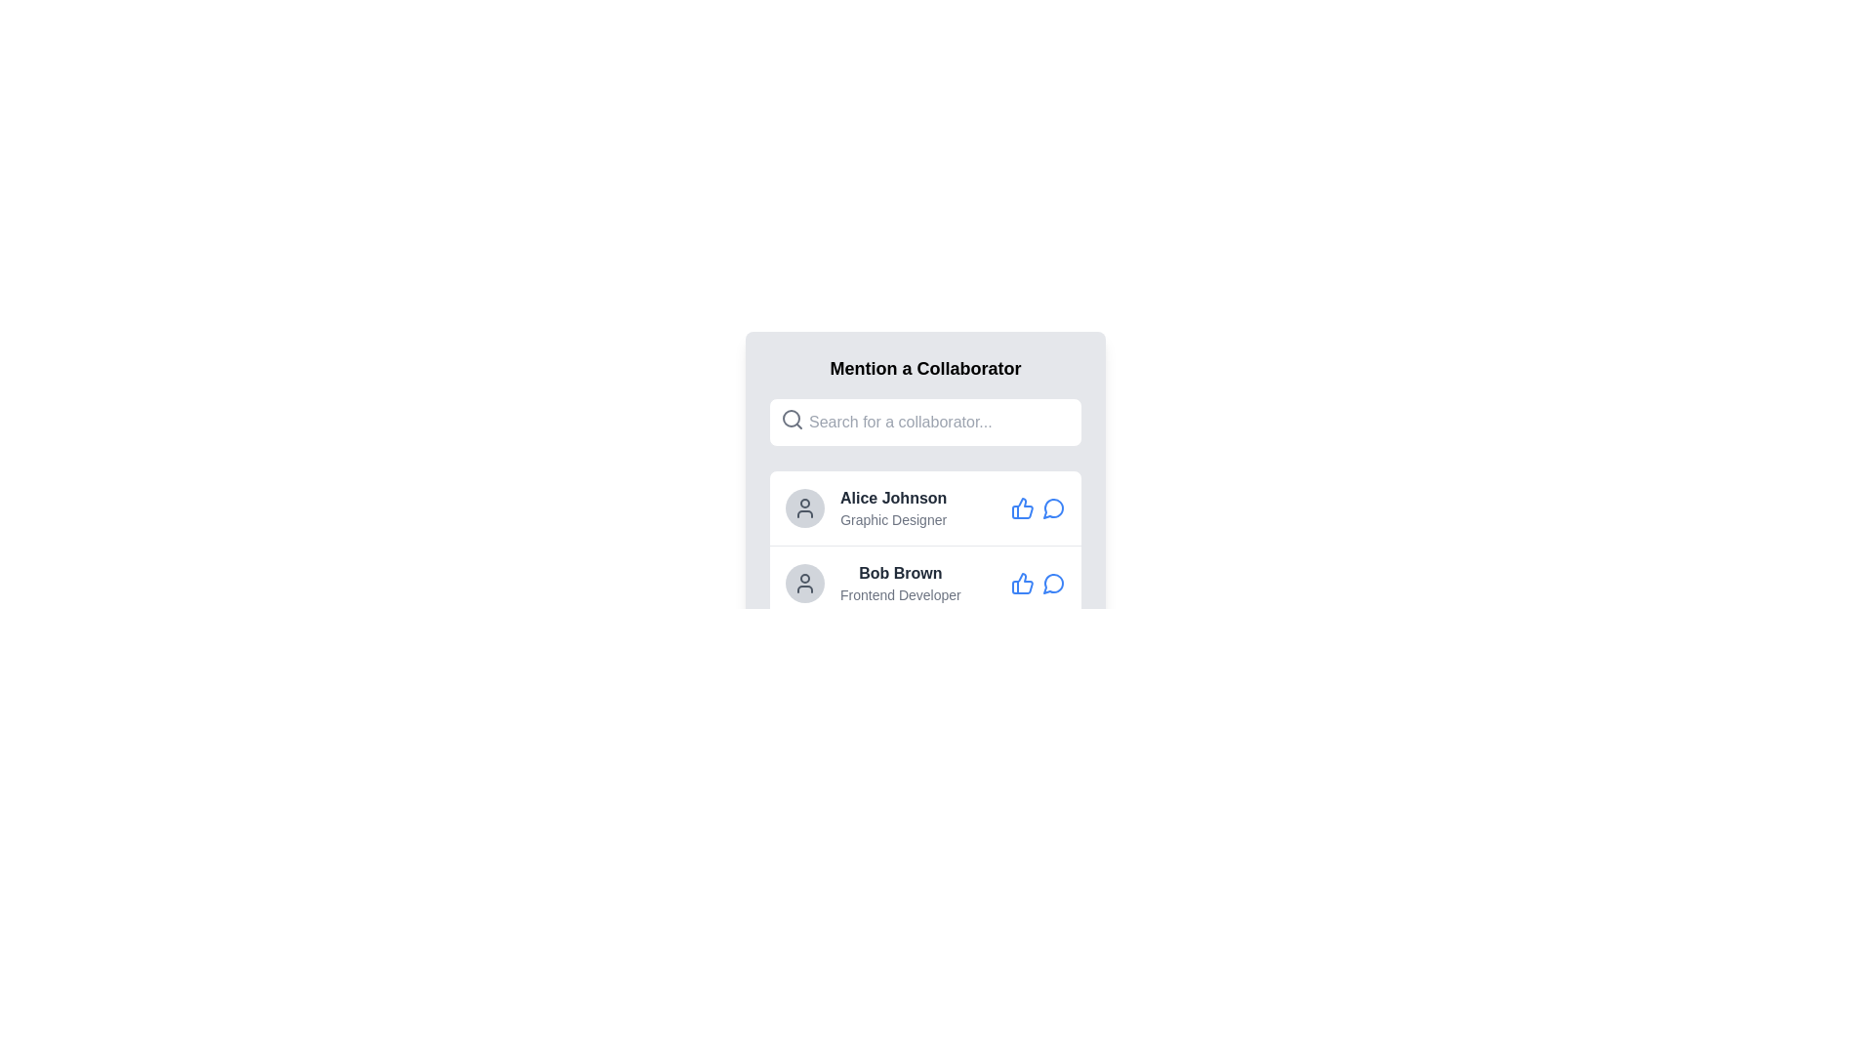 Image resolution: width=1874 pixels, height=1054 pixels. Describe the element at coordinates (1038, 507) in the screenshot. I see `the horizontal action group containing the thumbs-up and speech bubble icons for 'Alice Johnson, Graphic Designer'` at that location.